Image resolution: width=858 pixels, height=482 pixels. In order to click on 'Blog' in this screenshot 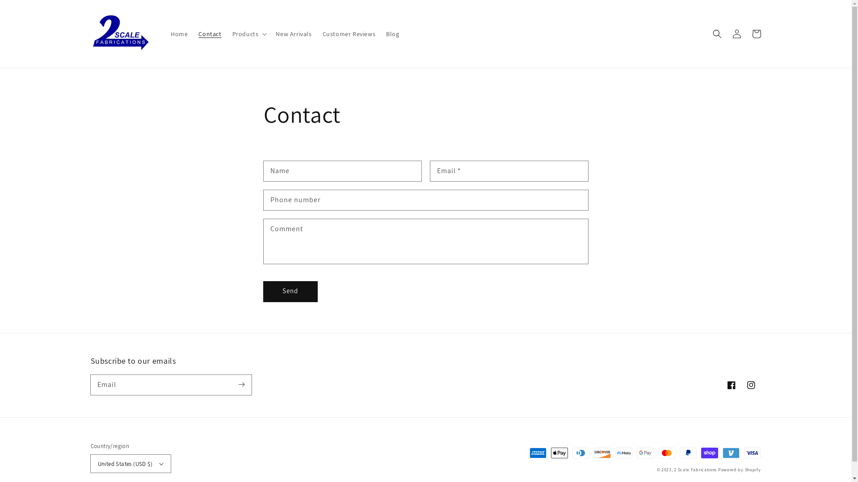, I will do `click(380, 33)`.